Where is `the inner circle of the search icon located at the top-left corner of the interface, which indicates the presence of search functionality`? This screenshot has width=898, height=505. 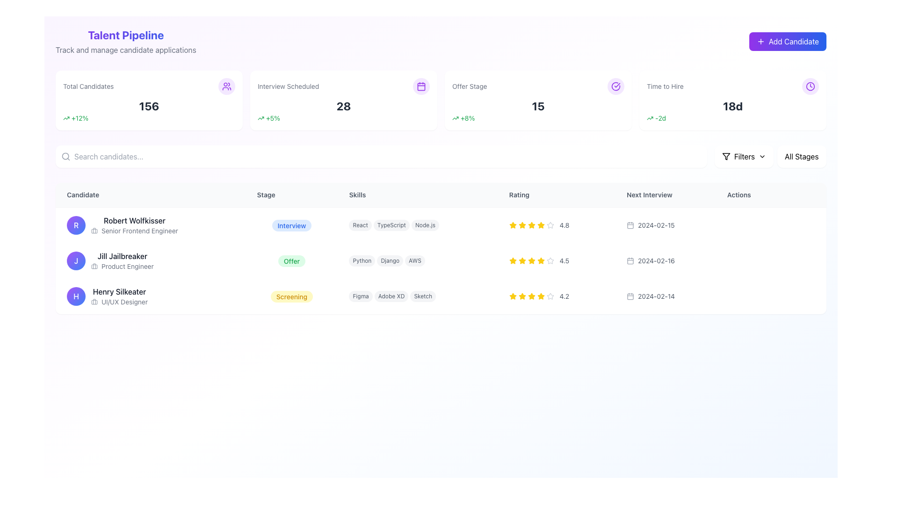
the inner circle of the search icon located at the top-left corner of the interface, which indicates the presence of search functionality is located at coordinates (65, 156).